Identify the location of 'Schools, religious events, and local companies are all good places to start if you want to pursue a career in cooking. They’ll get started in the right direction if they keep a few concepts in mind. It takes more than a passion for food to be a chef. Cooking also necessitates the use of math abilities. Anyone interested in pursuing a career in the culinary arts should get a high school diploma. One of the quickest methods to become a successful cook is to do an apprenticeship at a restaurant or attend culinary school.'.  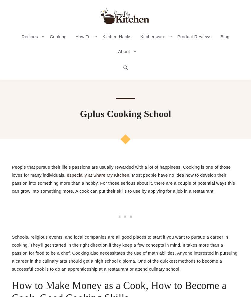
(125, 253).